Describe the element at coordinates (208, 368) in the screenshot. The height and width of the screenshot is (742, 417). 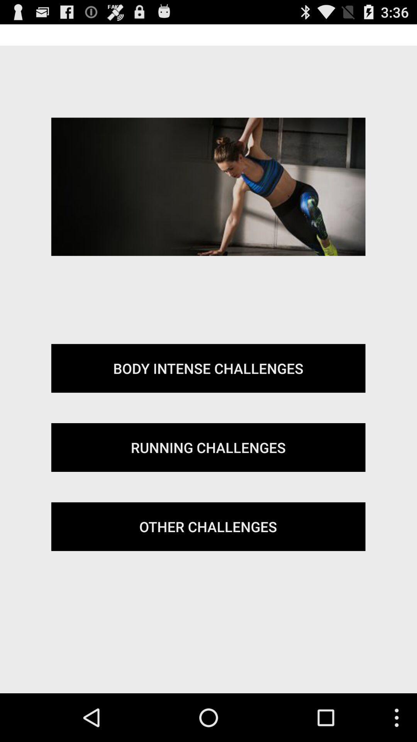
I see `the button above the running challenges` at that location.